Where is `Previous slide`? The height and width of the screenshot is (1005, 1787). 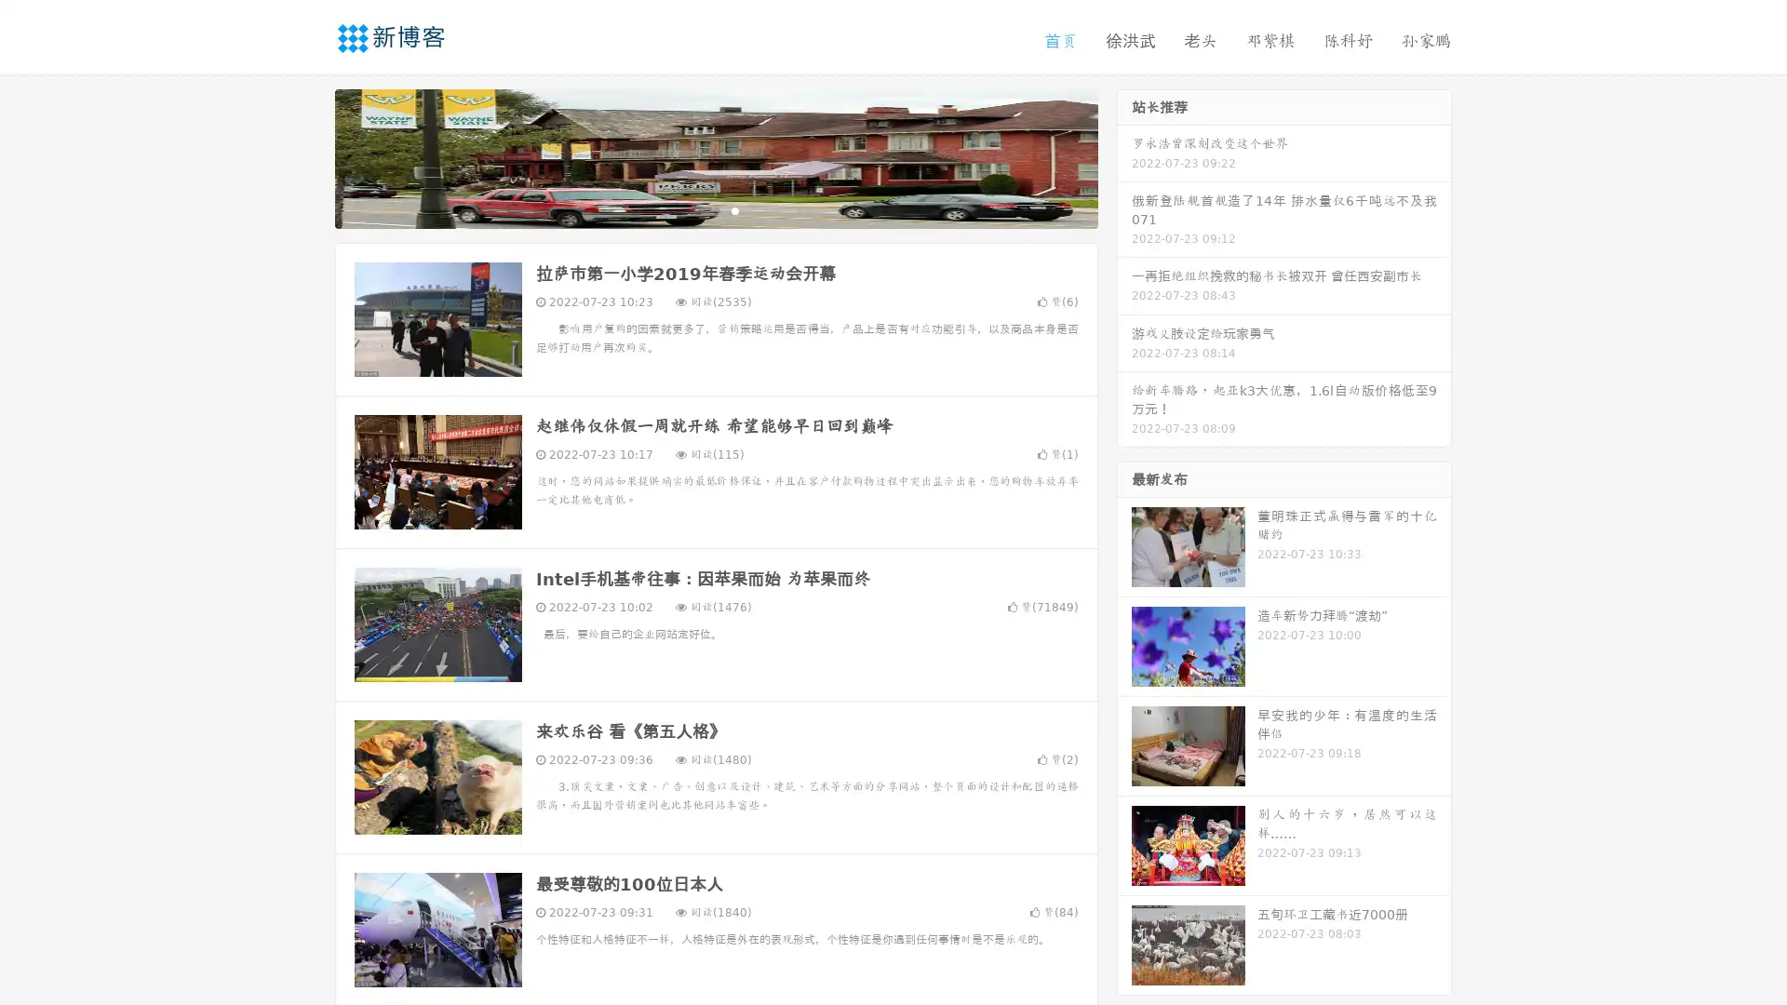
Previous slide is located at coordinates (307, 156).